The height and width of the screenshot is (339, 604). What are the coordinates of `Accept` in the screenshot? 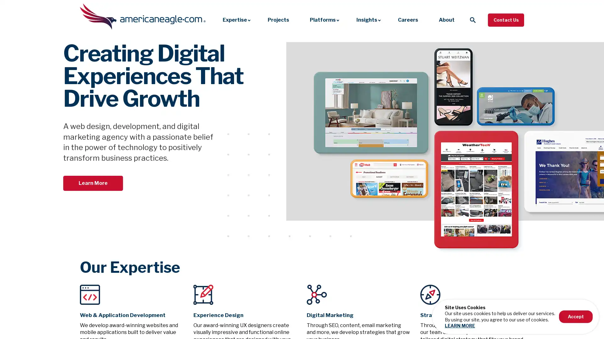 It's located at (574, 316).